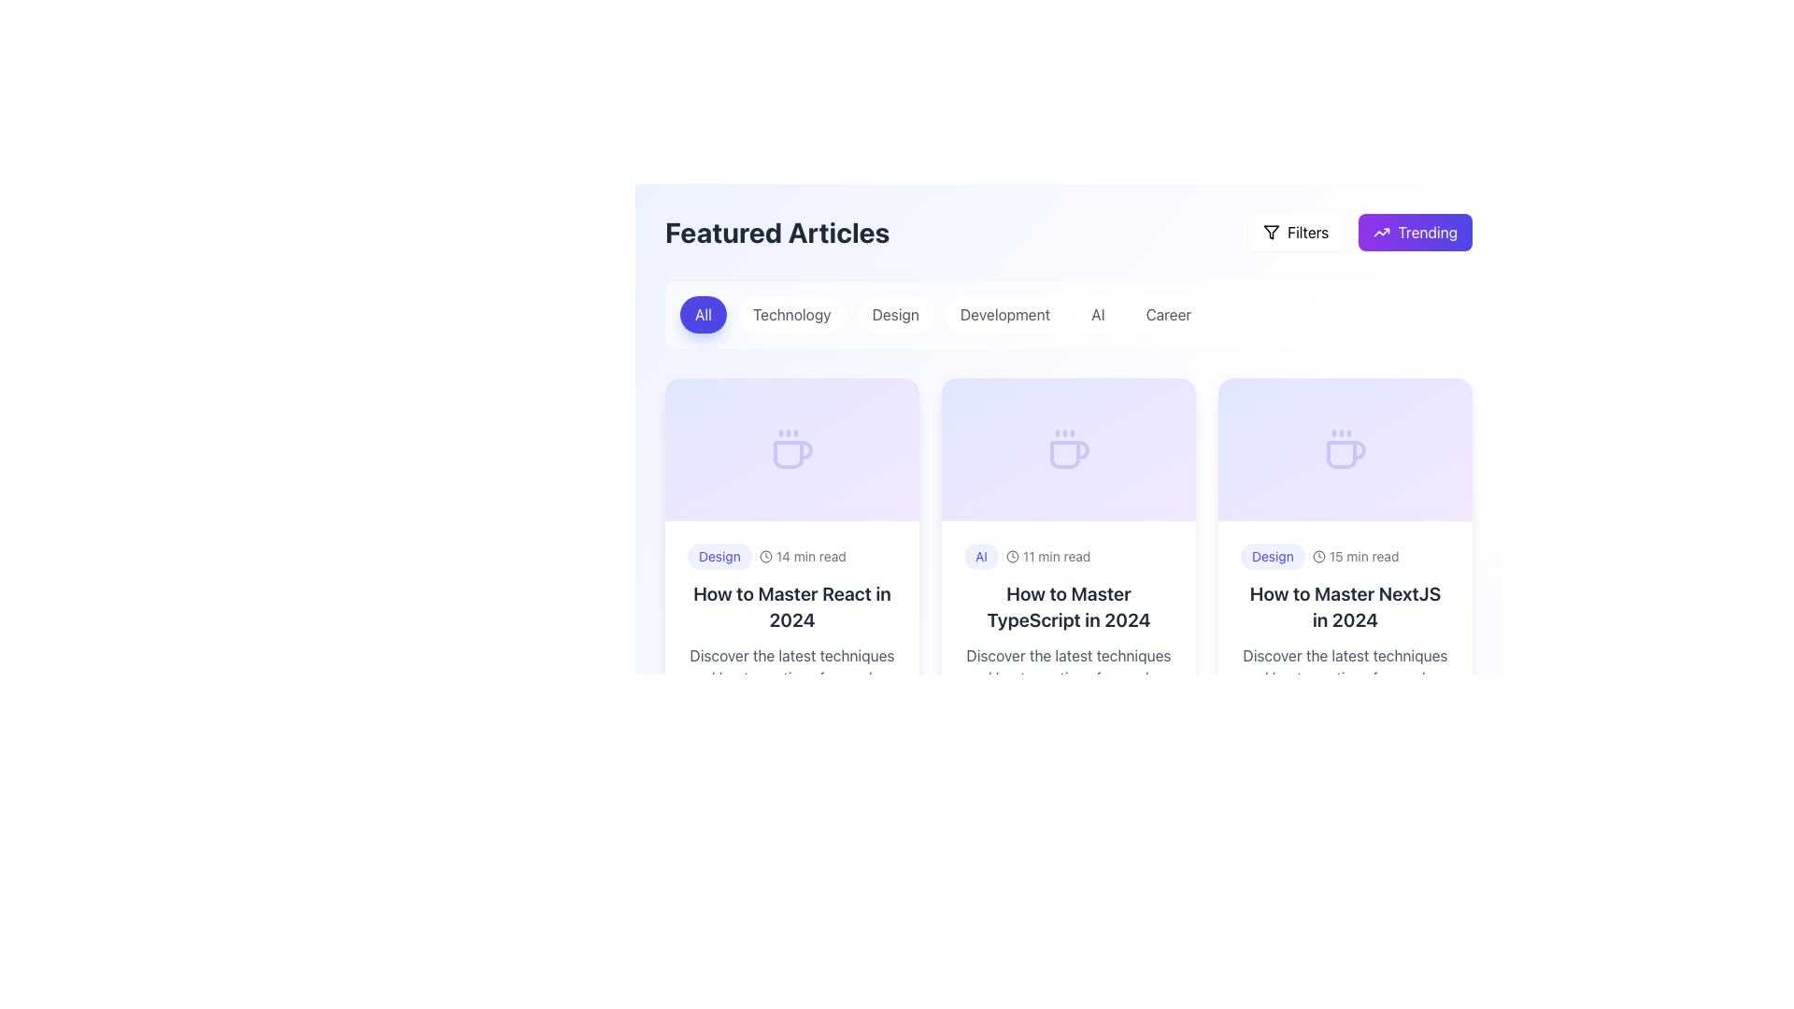 This screenshot has width=1794, height=1009. I want to click on the upward trend icon located to the left of the 'Trending' text in the rounded rectangular button at the top-right corner for sorting or filtering, so click(1381, 232).